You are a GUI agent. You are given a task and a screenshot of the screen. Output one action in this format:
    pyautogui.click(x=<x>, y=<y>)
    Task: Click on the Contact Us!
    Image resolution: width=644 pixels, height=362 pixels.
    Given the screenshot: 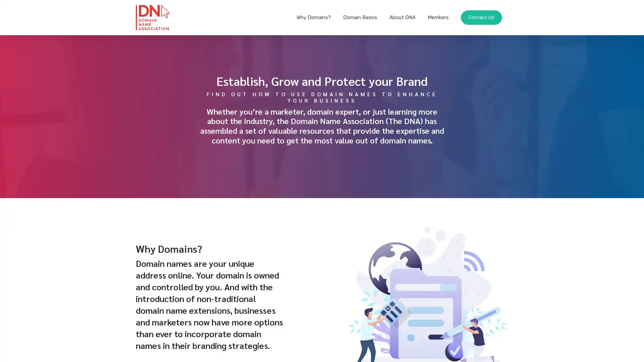 What is the action you would take?
    pyautogui.click(x=481, y=17)
    